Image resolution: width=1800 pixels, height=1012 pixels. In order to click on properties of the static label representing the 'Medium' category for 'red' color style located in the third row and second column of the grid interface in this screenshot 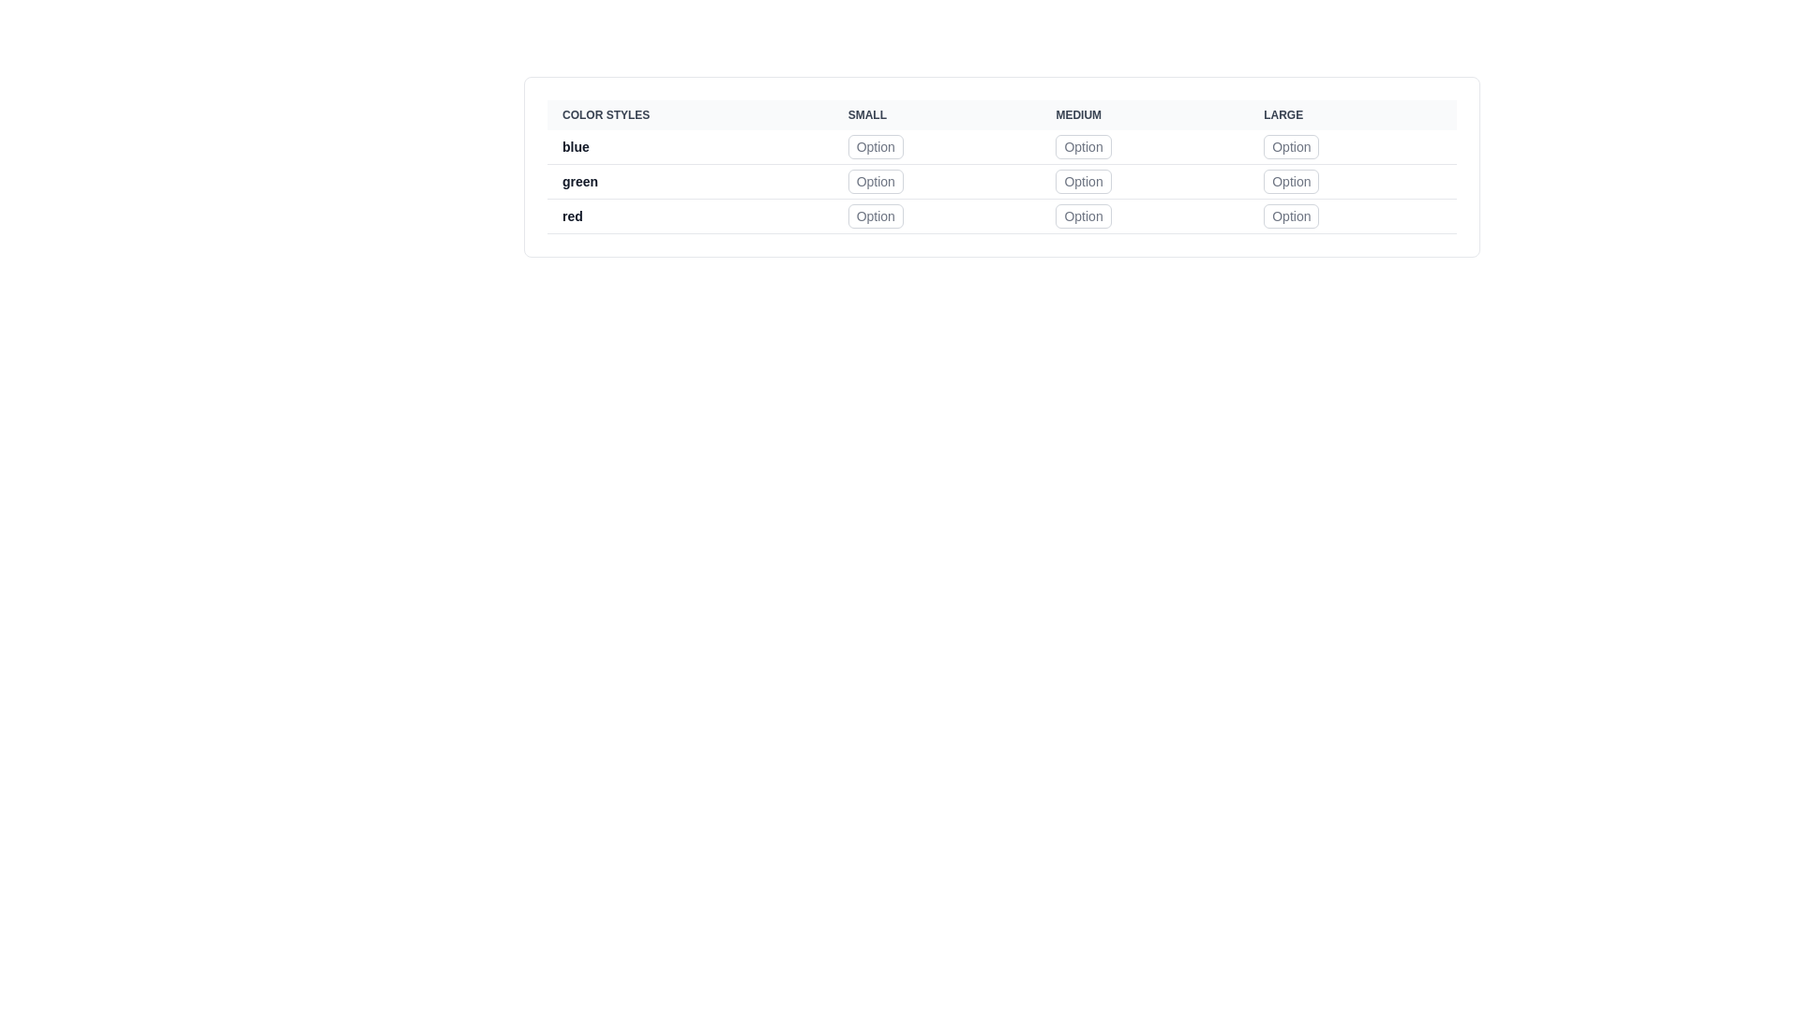, I will do `click(1144, 216)`.